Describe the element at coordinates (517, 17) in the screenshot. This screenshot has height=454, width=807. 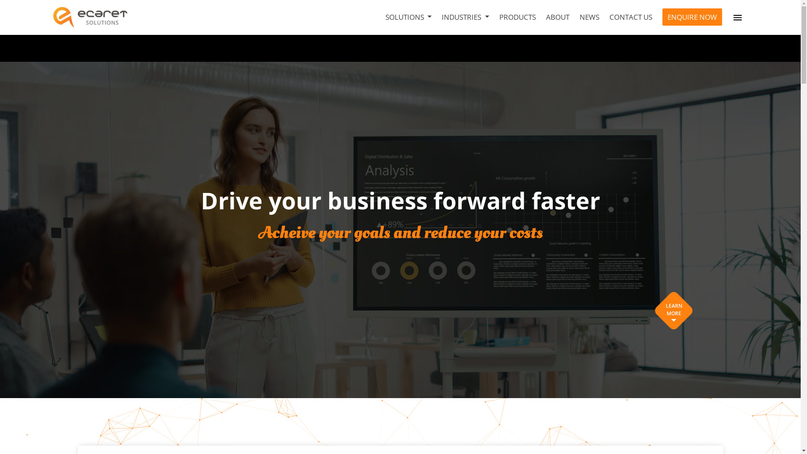
I see `'PRODUCTS'` at that location.